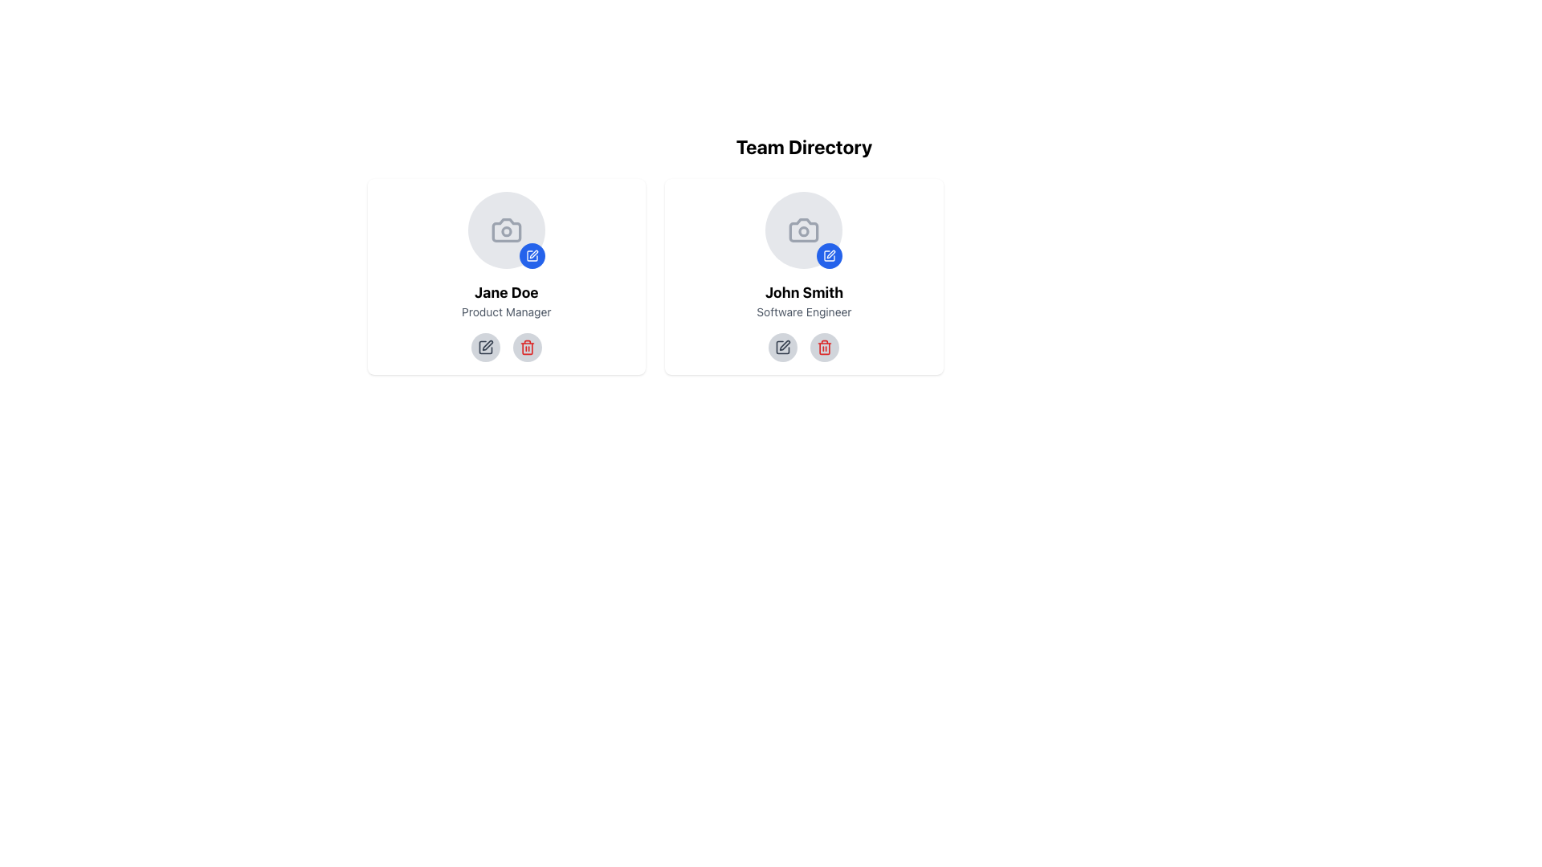 The height and width of the screenshot is (867, 1542). I want to click on the decorative graphical component representing the lens part of the camera icon for John Smith's profile image update functionality located in the Team Directory card, so click(804, 231).